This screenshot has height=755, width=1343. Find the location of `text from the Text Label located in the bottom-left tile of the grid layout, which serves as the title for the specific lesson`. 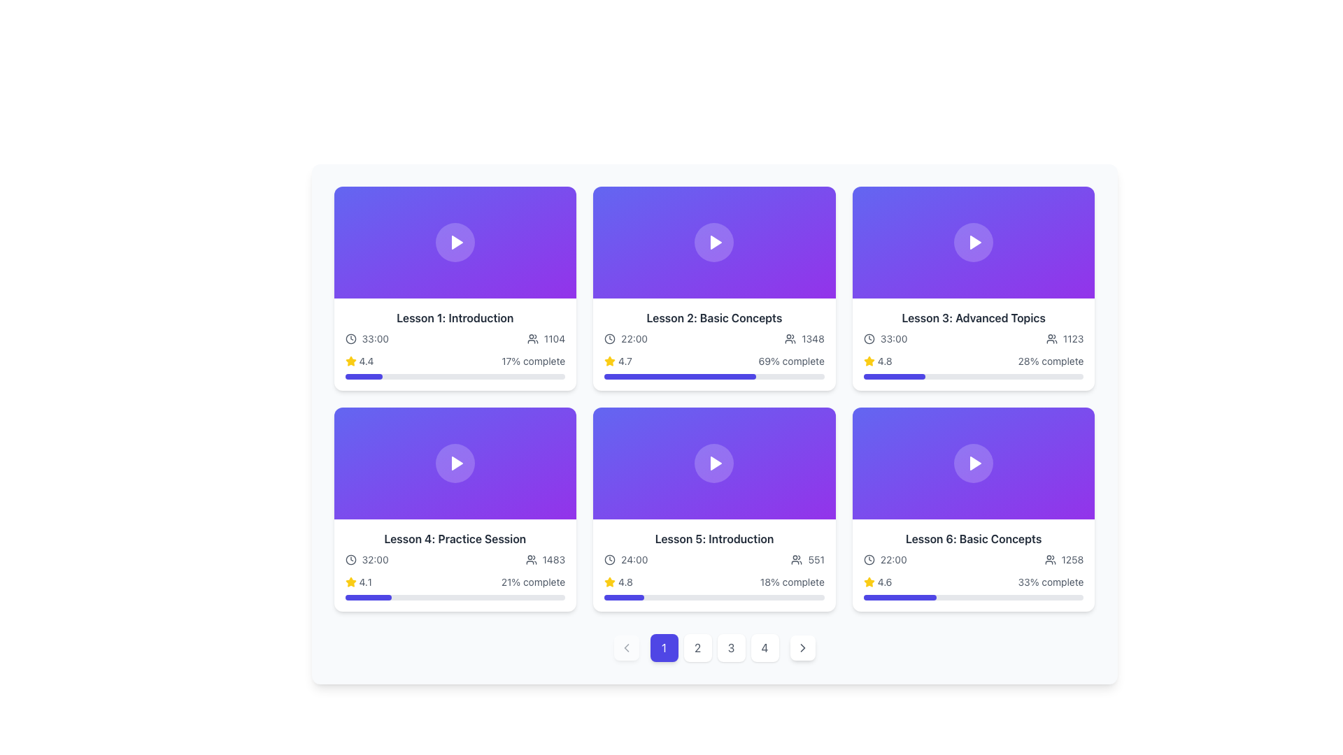

text from the Text Label located in the bottom-left tile of the grid layout, which serves as the title for the specific lesson is located at coordinates (714, 538).